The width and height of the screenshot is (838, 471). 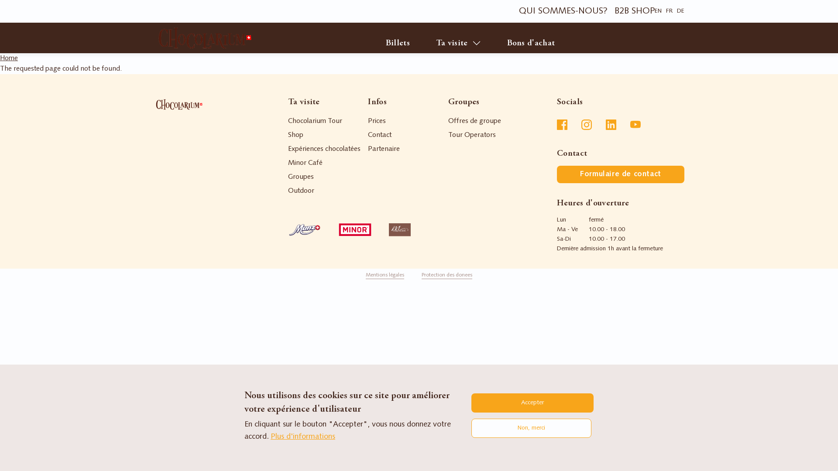 What do you see at coordinates (531, 43) in the screenshot?
I see `'Bons d'achat'` at bounding box center [531, 43].